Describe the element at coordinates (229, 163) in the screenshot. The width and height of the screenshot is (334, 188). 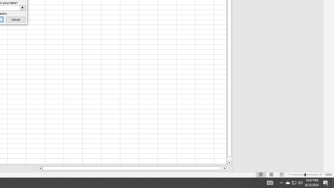
I see `'Line down'` at that location.